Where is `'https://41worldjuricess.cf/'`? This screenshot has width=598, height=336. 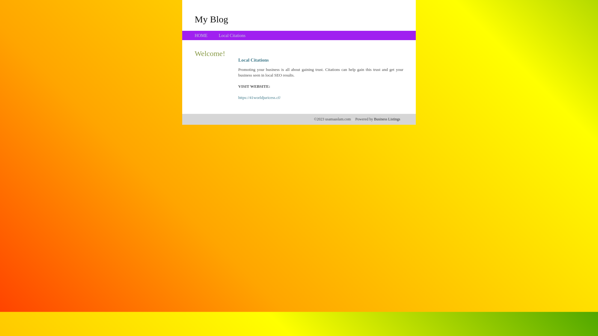 'https://41worldjuricess.cf/' is located at coordinates (259, 97).